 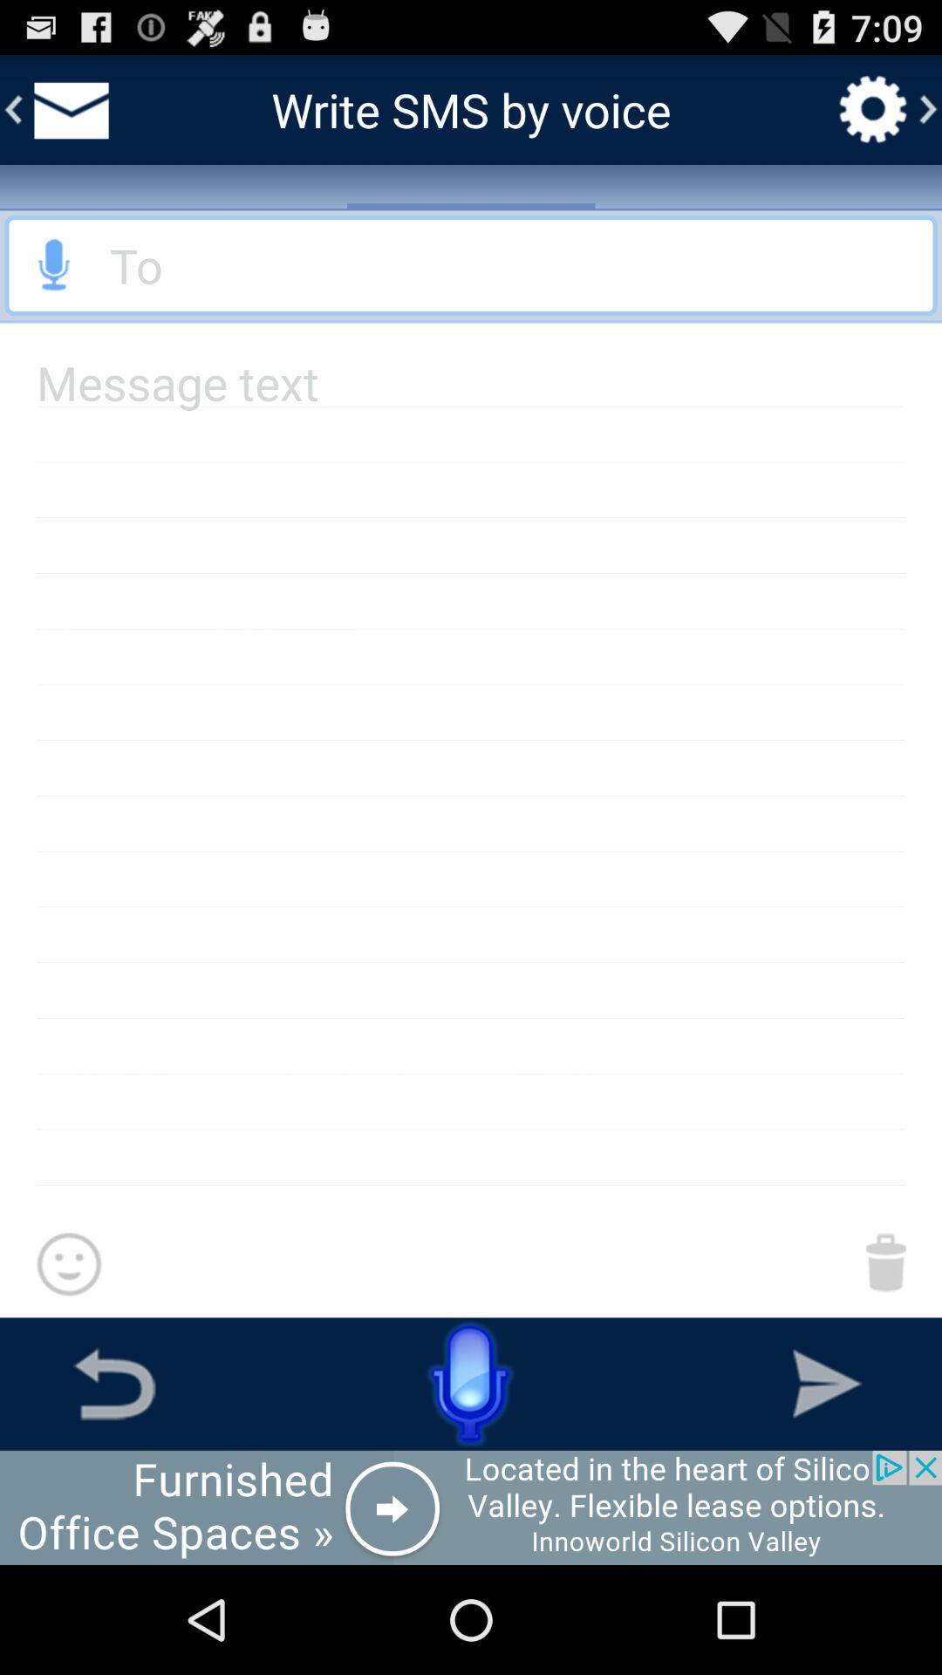 What do you see at coordinates (68, 1265) in the screenshot?
I see `emoji option` at bounding box center [68, 1265].